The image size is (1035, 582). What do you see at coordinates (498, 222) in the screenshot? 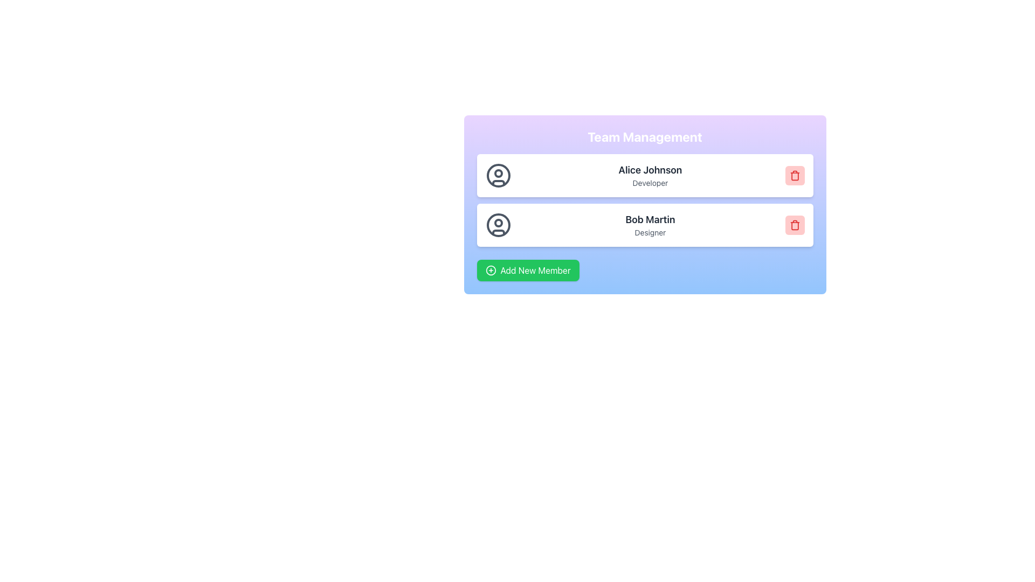
I see `the Circle SVG graphic element located at the top center of the user profile icon` at bounding box center [498, 222].